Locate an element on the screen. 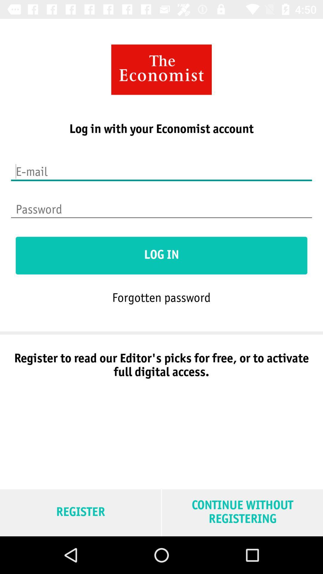 The image size is (323, 574). your custom email address is located at coordinates (161, 167).